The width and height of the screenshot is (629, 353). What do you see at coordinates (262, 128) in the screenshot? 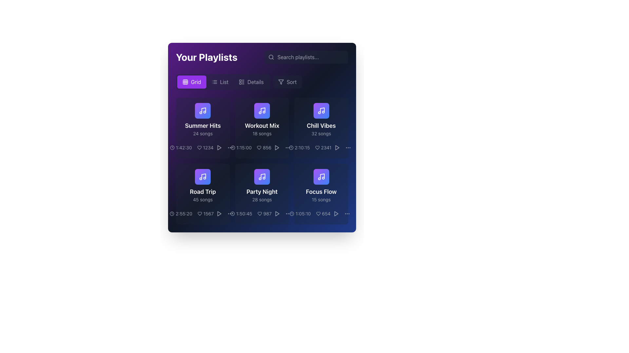
I see `the 'Workout Mix' playlist card, which is the middle card in the top row of the 'Your Playlists' section` at bounding box center [262, 128].